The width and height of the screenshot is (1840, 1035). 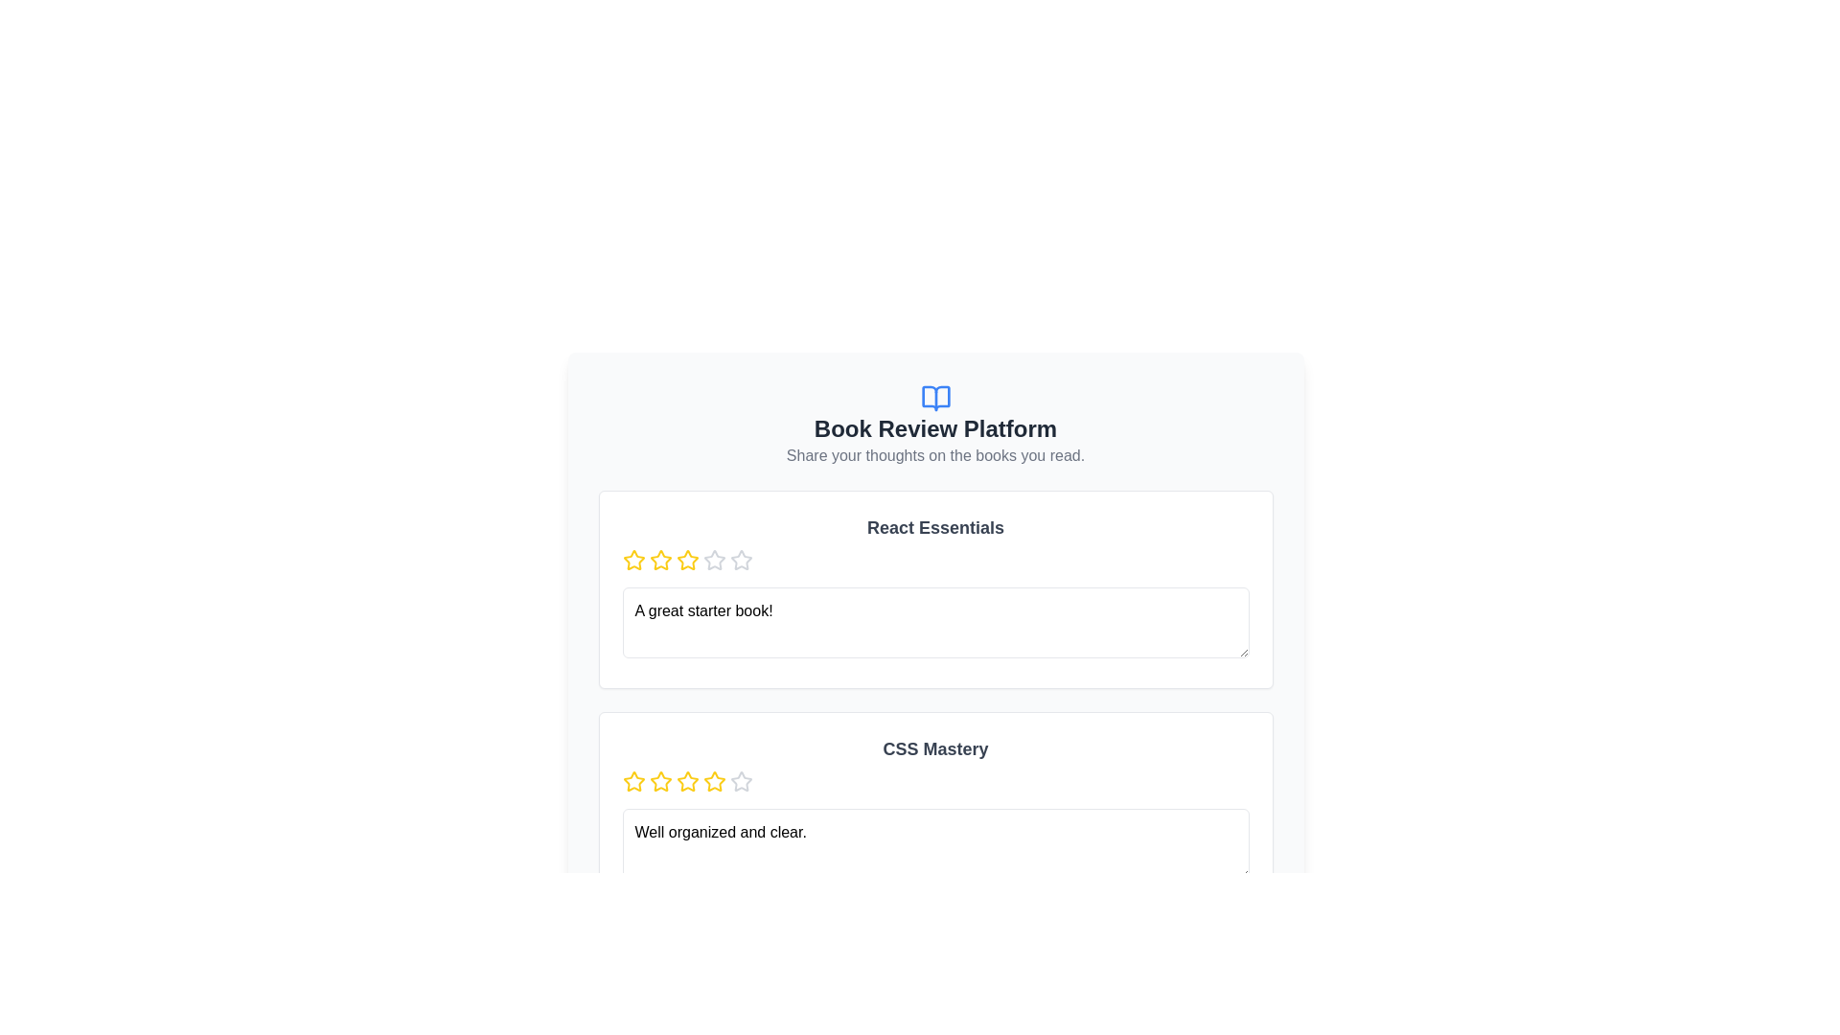 I want to click on the first star icon, so click(x=633, y=781).